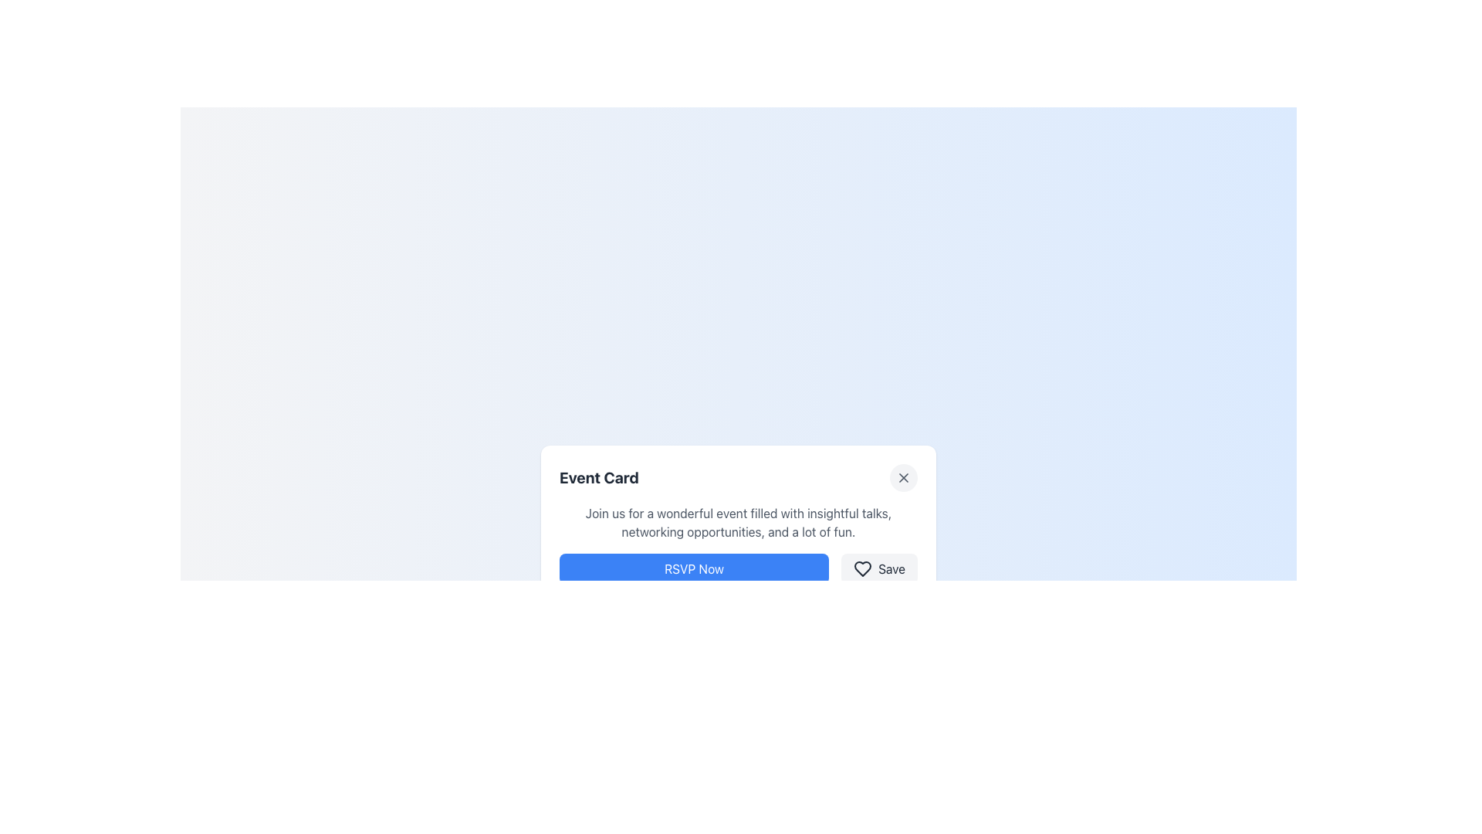 This screenshot has height=834, width=1482. Describe the element at coordinates (904, 476) in the screenshot. I see `the close button located in the top-right corner of the 'Event Card', which is contained within a circular, light-gray background` at that location.